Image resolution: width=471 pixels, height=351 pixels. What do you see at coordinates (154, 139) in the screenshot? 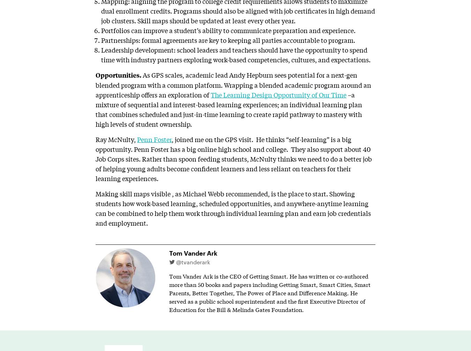
I see `'Penn Foster'` at bounding box center [154, 139].